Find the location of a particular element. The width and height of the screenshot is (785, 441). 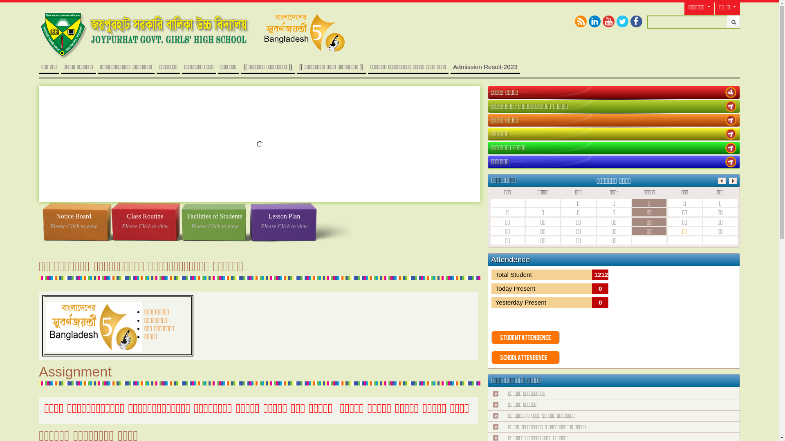

'Facilities of Students is located at coordinates (214, 222).